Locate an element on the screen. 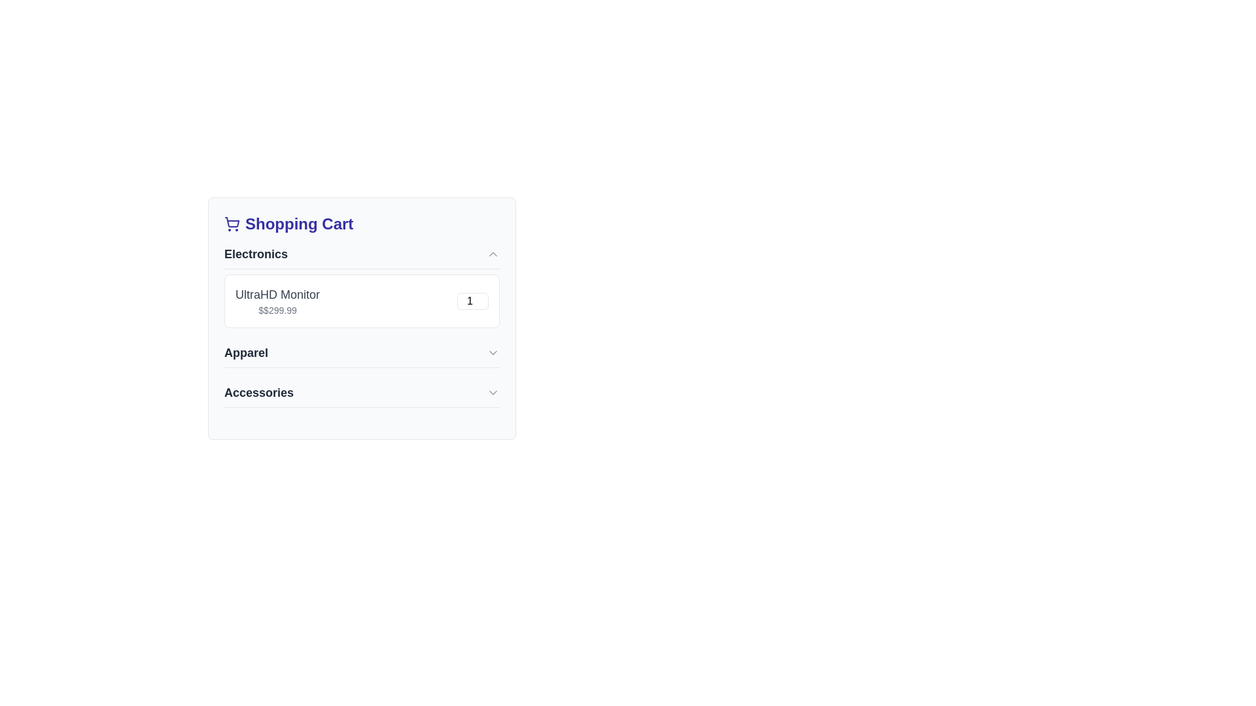  the Chevron icon located to the far right of the 'Accessories' label is located at coordinates (492, 392).